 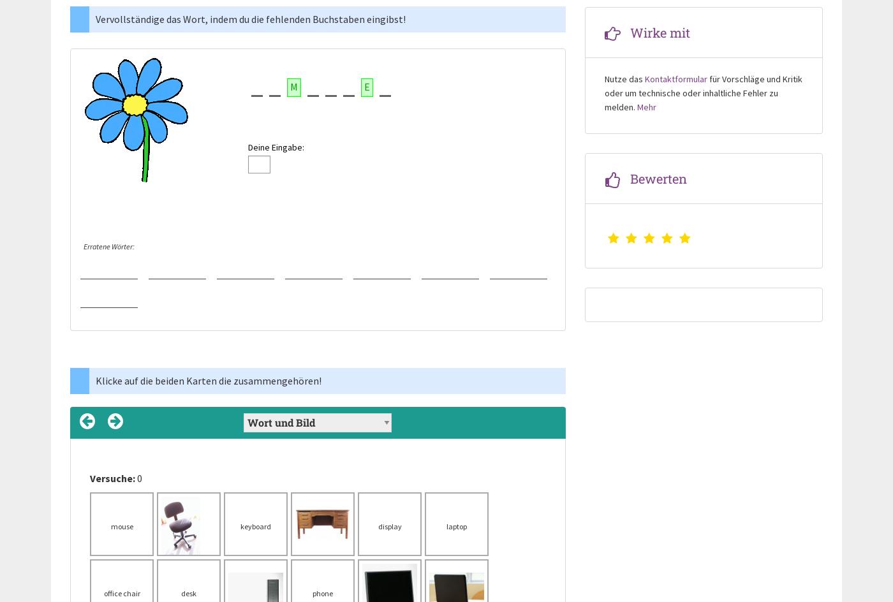 I want to click on 'Deine Eingabe:', so click(x=247, y=145).